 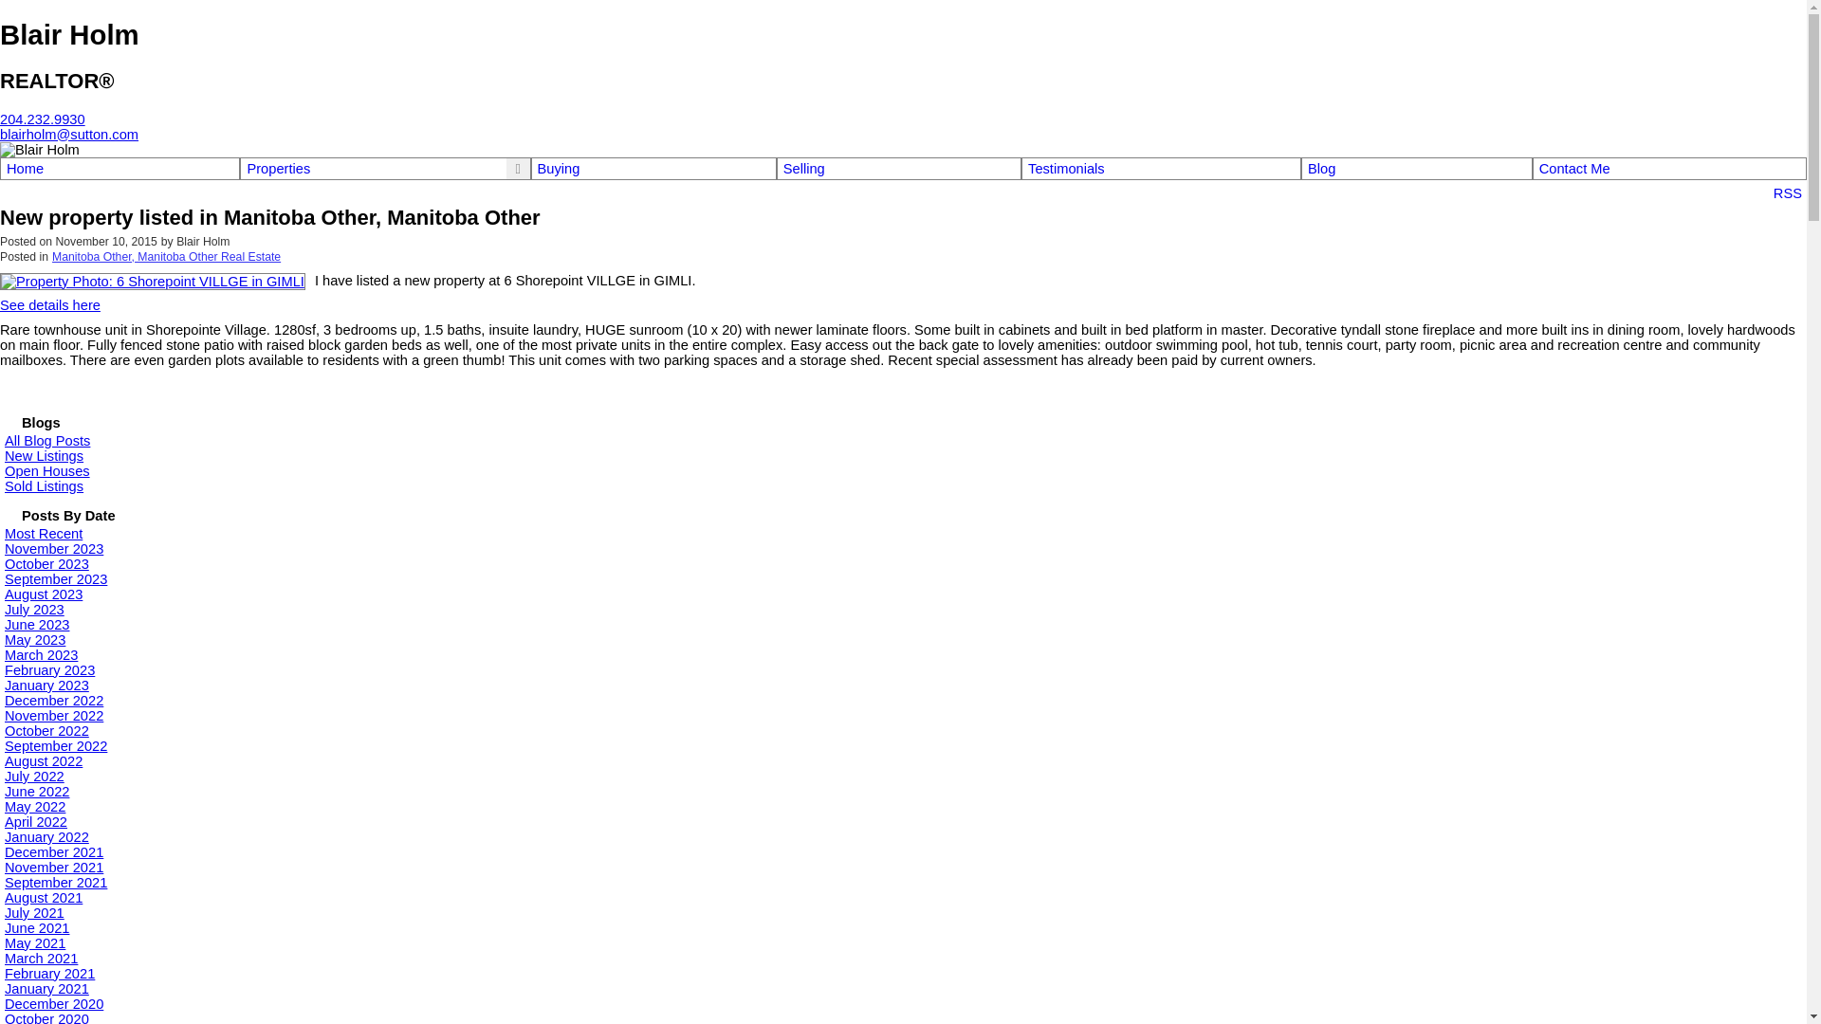 I want to click on 'Blog', so click(x=1416, y=167).